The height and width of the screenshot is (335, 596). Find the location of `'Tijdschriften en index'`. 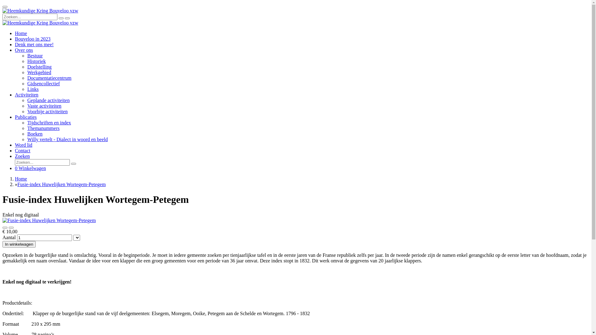

'Tijdschriften en index' is located at coordinates (49, 123).